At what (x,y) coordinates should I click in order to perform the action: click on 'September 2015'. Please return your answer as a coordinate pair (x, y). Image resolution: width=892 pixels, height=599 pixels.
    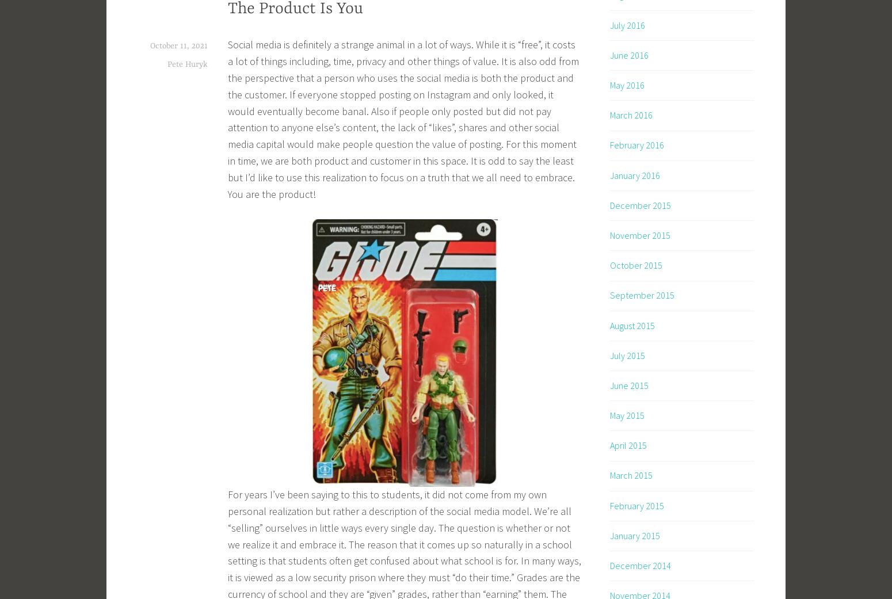
    Looking at the image, I should click on (642, 295).